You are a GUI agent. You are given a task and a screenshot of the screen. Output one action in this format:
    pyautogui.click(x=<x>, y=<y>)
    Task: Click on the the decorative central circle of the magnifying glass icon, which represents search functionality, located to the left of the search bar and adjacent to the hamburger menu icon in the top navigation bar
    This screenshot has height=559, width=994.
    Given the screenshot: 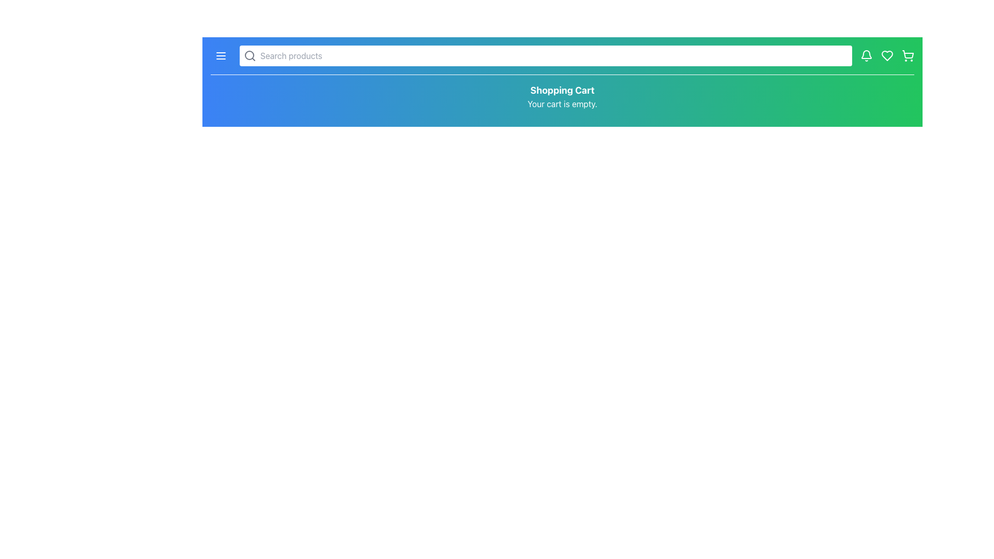 What is the action you would take?
    pyautogui.click(x=249, y=55)
    